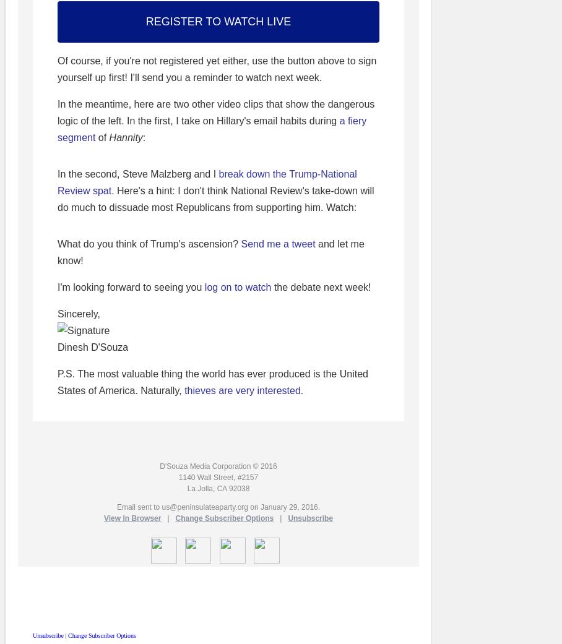 The image size is (562, 644). Describe the element at coordinates (148, 244) in the screenshot. I see `'What do you think of Trump's ascension?'` at that location.